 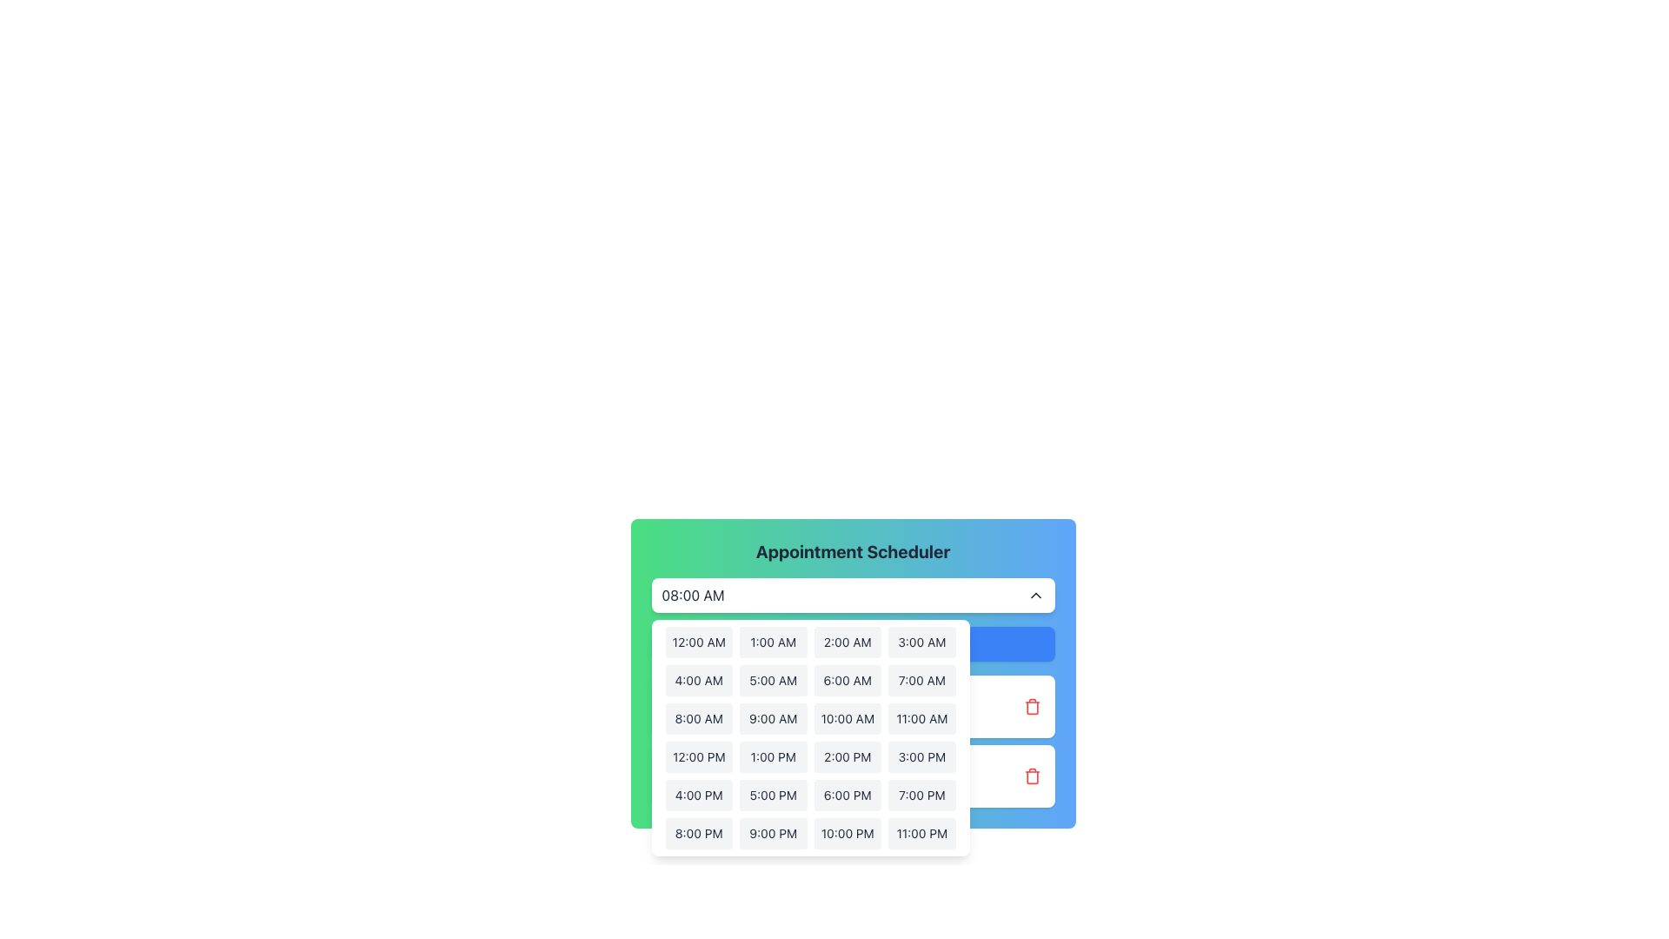 I want to click on the rectangular button with the text '4:00 AM', so click(x=699, y=680).